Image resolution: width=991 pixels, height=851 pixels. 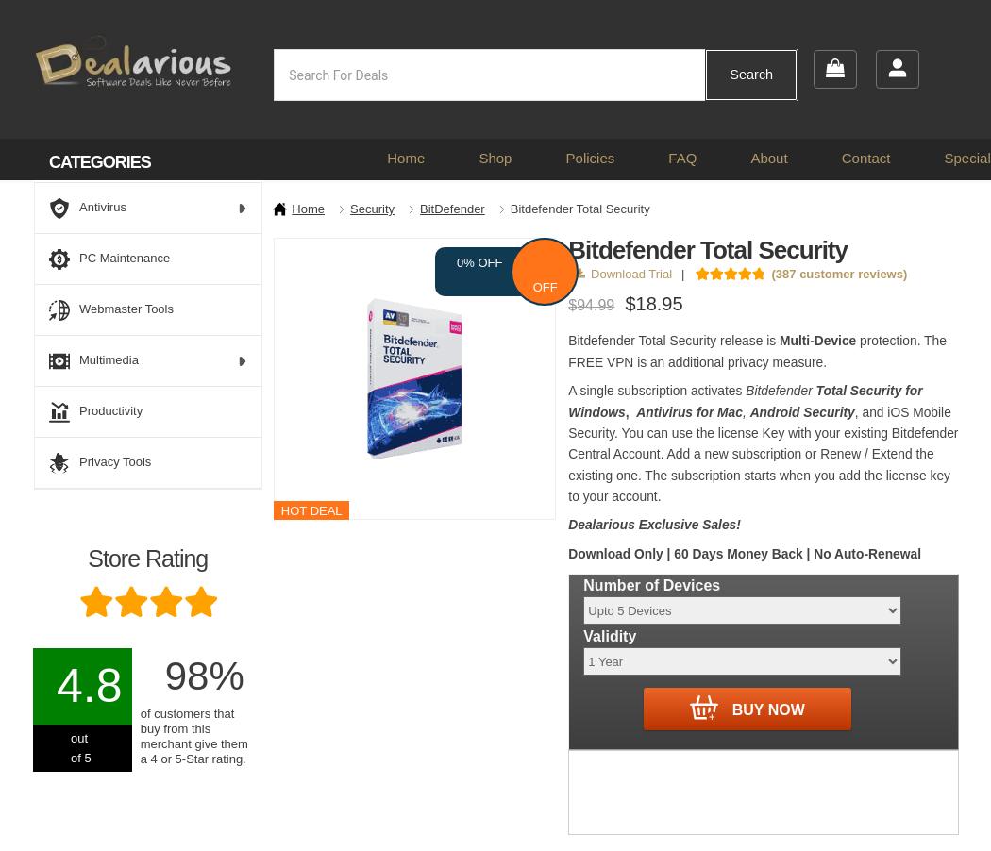 What do you see at coordinates (89, 686) in the screenshot?
I see `'4.8'` at bounding box center [89, 686].